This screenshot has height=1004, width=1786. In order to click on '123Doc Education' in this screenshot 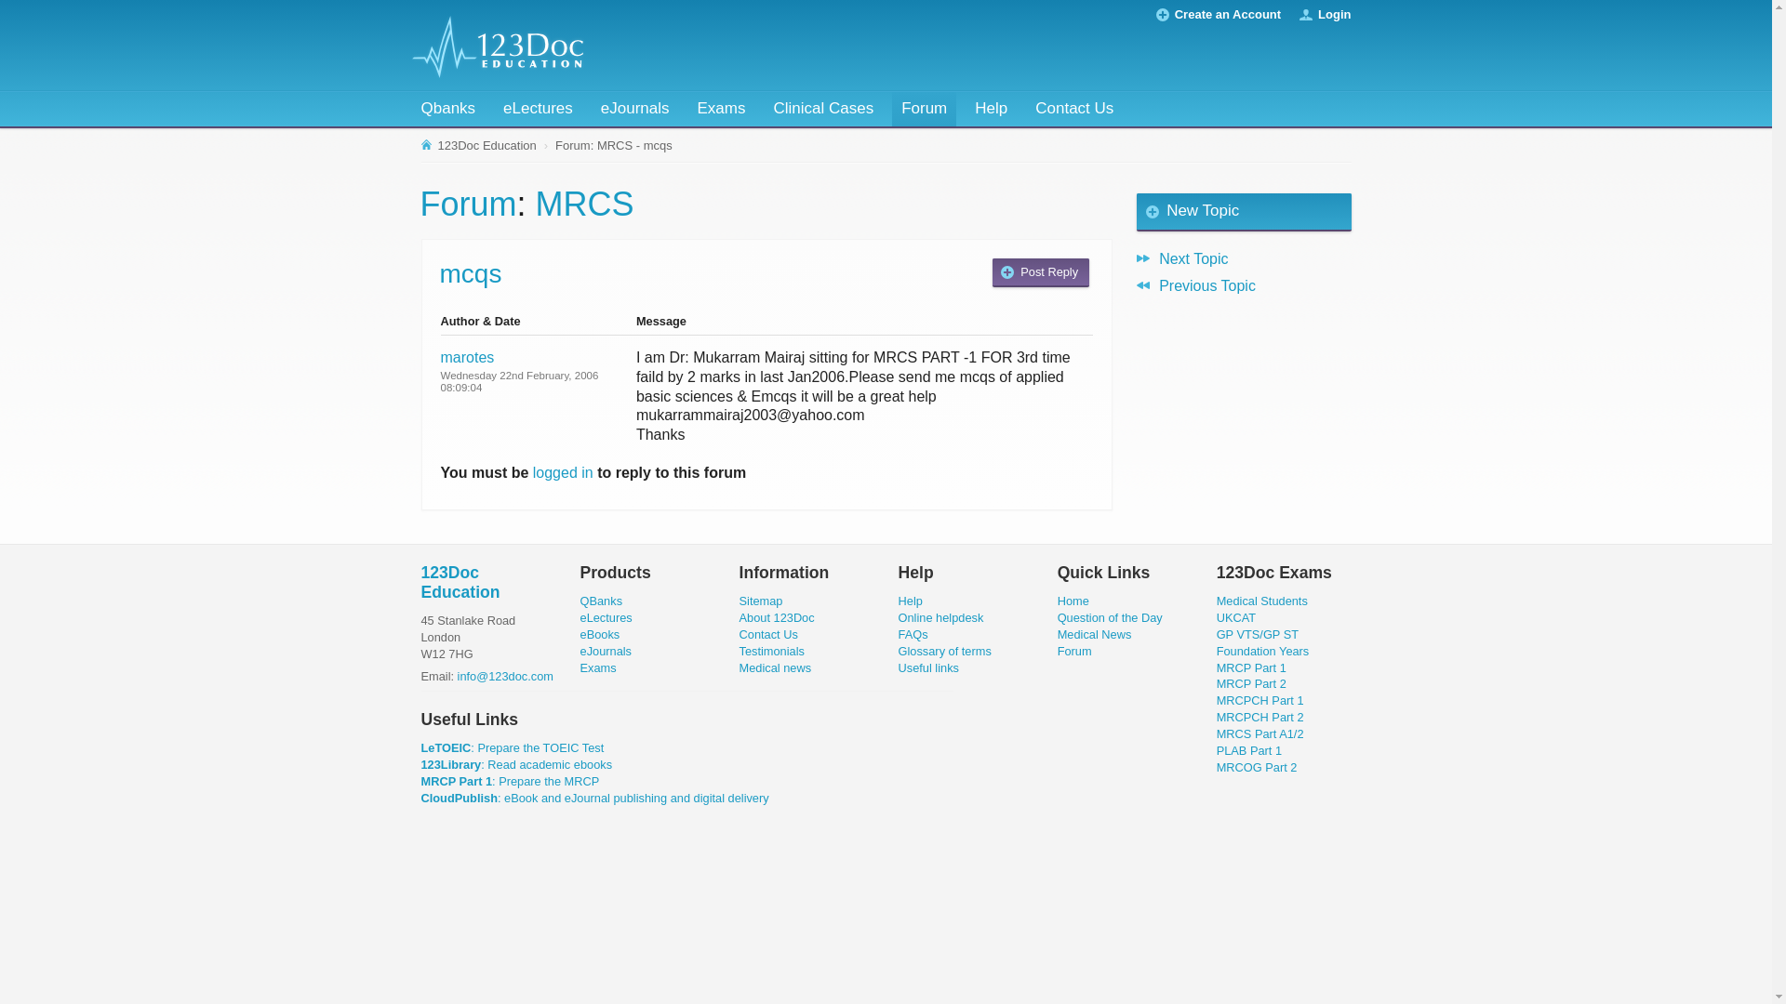, I will do `click(460, 581)`.